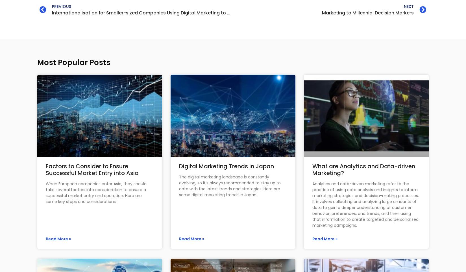 The height and width of the screenshot is (272, 466). I want to click on 'Internationalisation for Smaller-sized Companies Using Digital Marketing to Go into Overseas Markets', so click(169, 12).